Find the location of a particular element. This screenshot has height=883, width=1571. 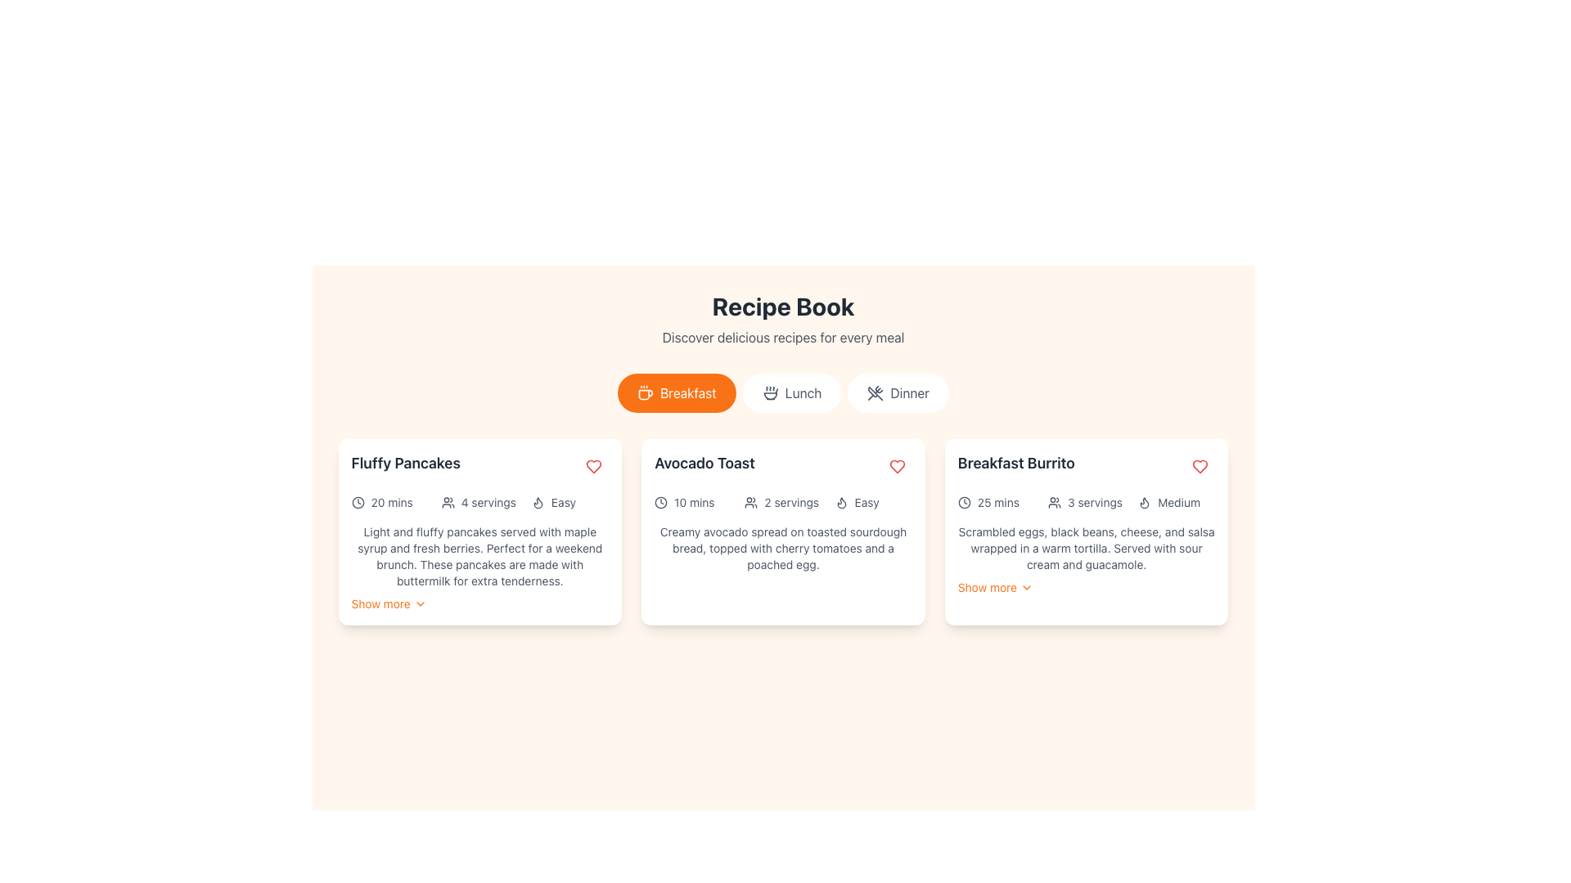

the text label displaying '2 servings' located in the Avocado Toast card, which is situated below the title and to the right of the user icon is located at coordinates (791, 501).